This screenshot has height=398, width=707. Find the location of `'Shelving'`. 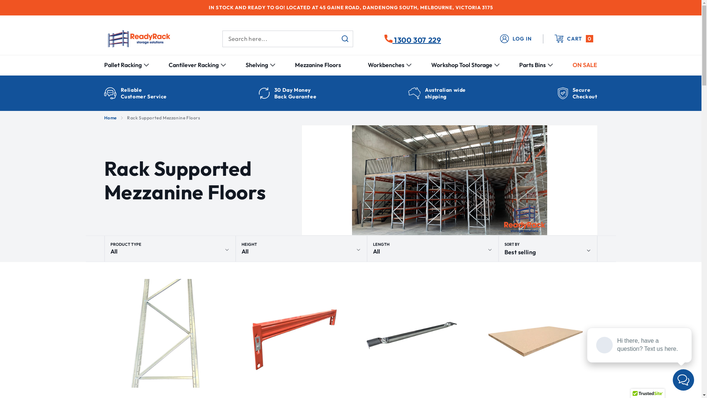

'Shelving' is located at coordinates (257, 64).